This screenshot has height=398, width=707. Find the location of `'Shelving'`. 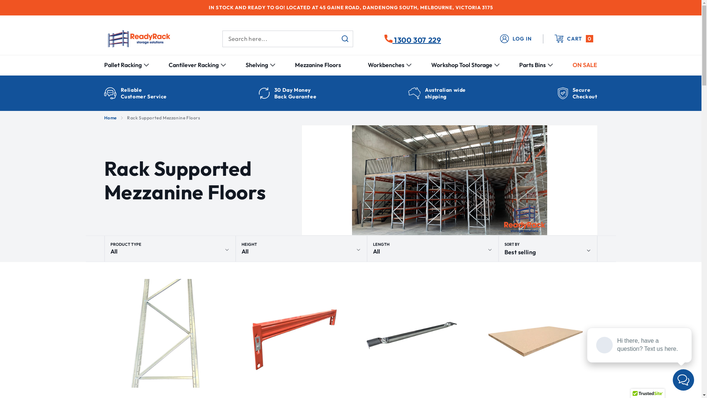

'Shelving' is located at coordinates (257, 64).